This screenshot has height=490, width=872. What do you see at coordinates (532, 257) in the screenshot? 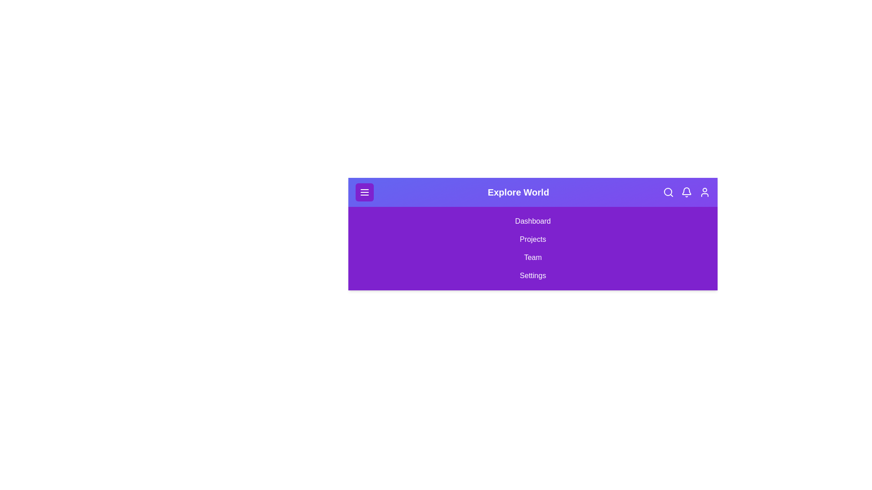
I see `the 'Team' text in the menu` at bounding box center [532, 257].